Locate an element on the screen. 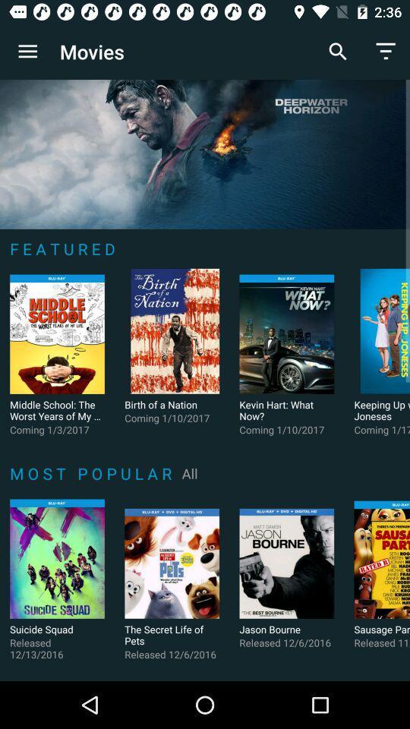 The image size is (410, 729). icon next to all is located at coordinates (93, 472).